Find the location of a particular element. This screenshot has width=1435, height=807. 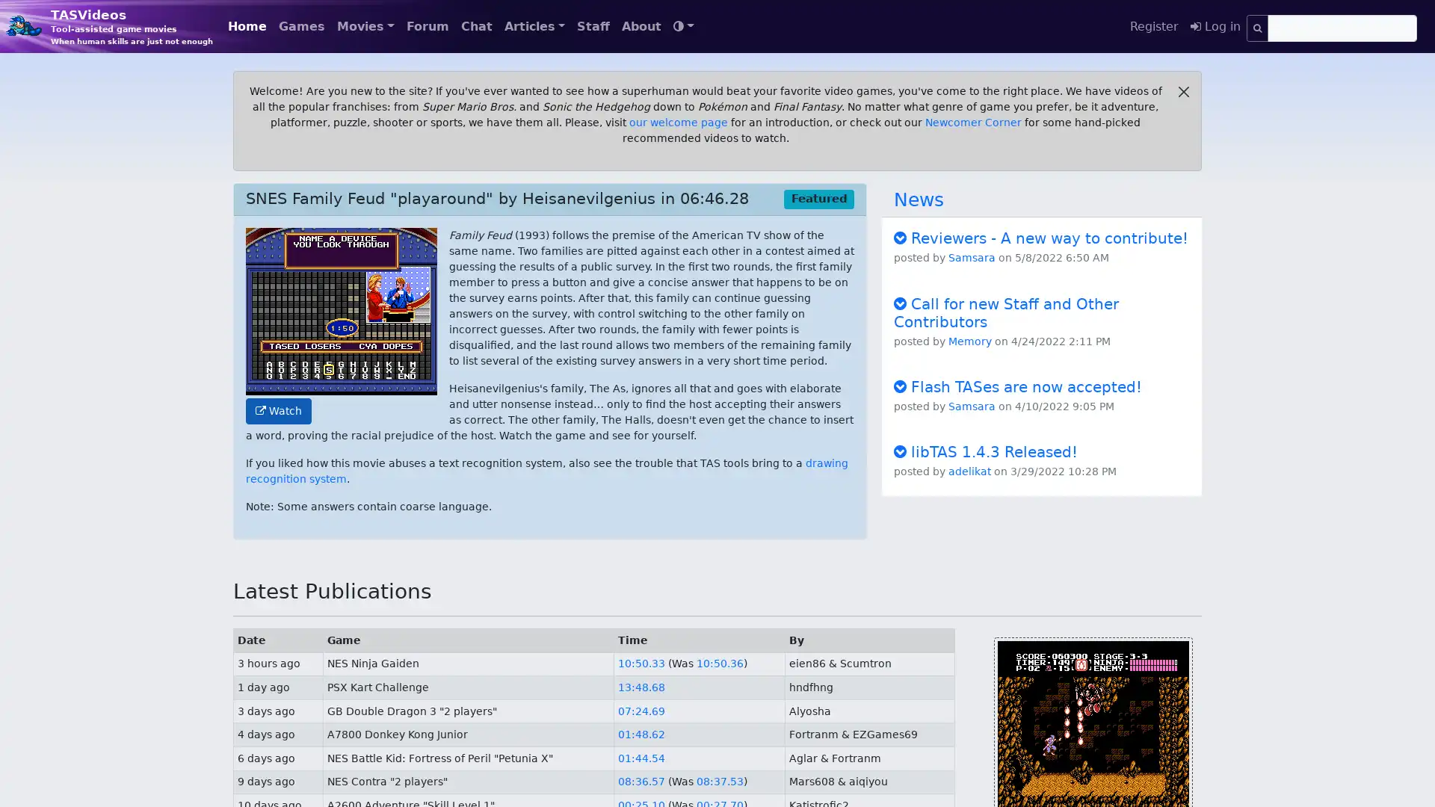

Reviewers - A new way to contribute! is located at coordinates (1040, 238).